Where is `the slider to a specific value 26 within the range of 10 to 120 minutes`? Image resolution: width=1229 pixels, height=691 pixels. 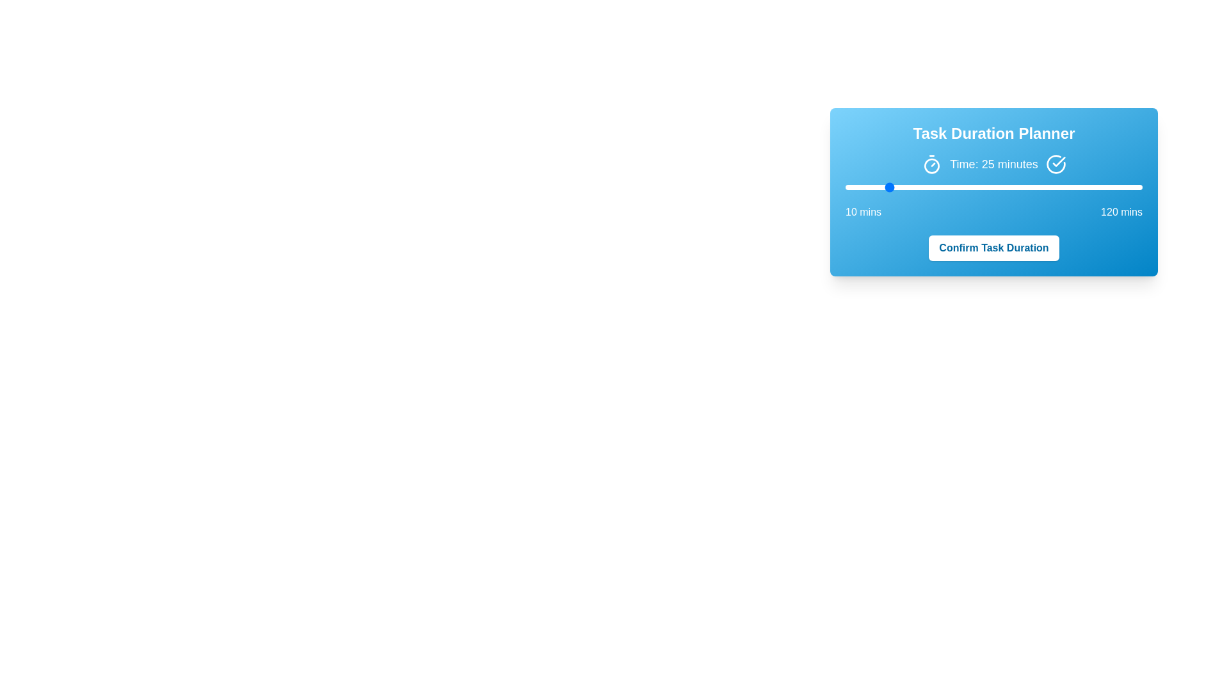
the slider to a specific value 26 within the range of 10 to 120 minutes is located at coordinates (888, 187).